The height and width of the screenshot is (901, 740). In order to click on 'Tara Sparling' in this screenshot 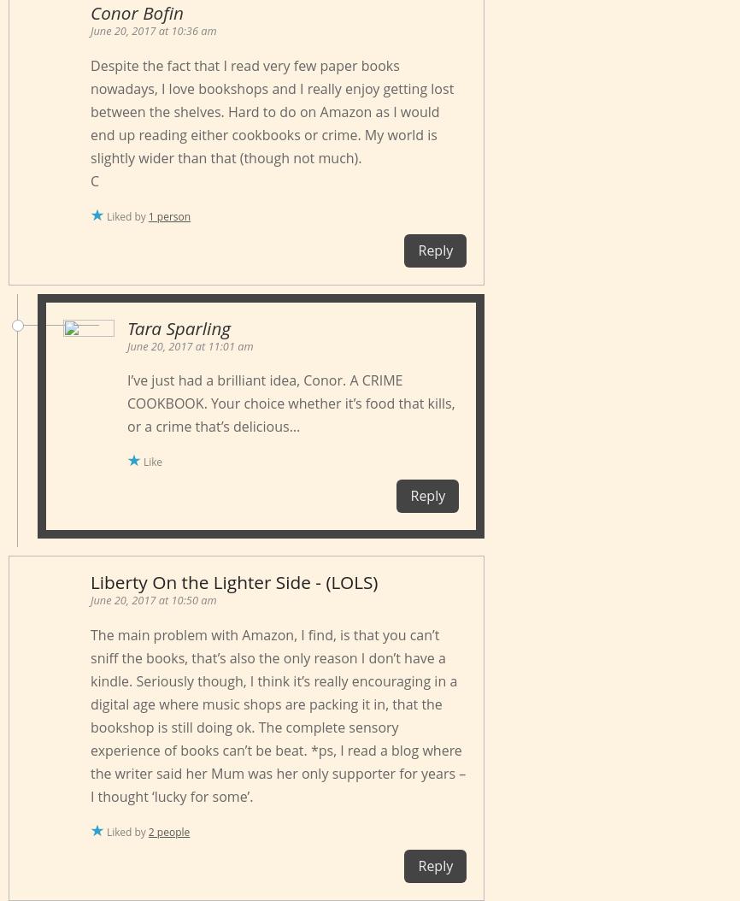, I will do `click(127, 327)`.